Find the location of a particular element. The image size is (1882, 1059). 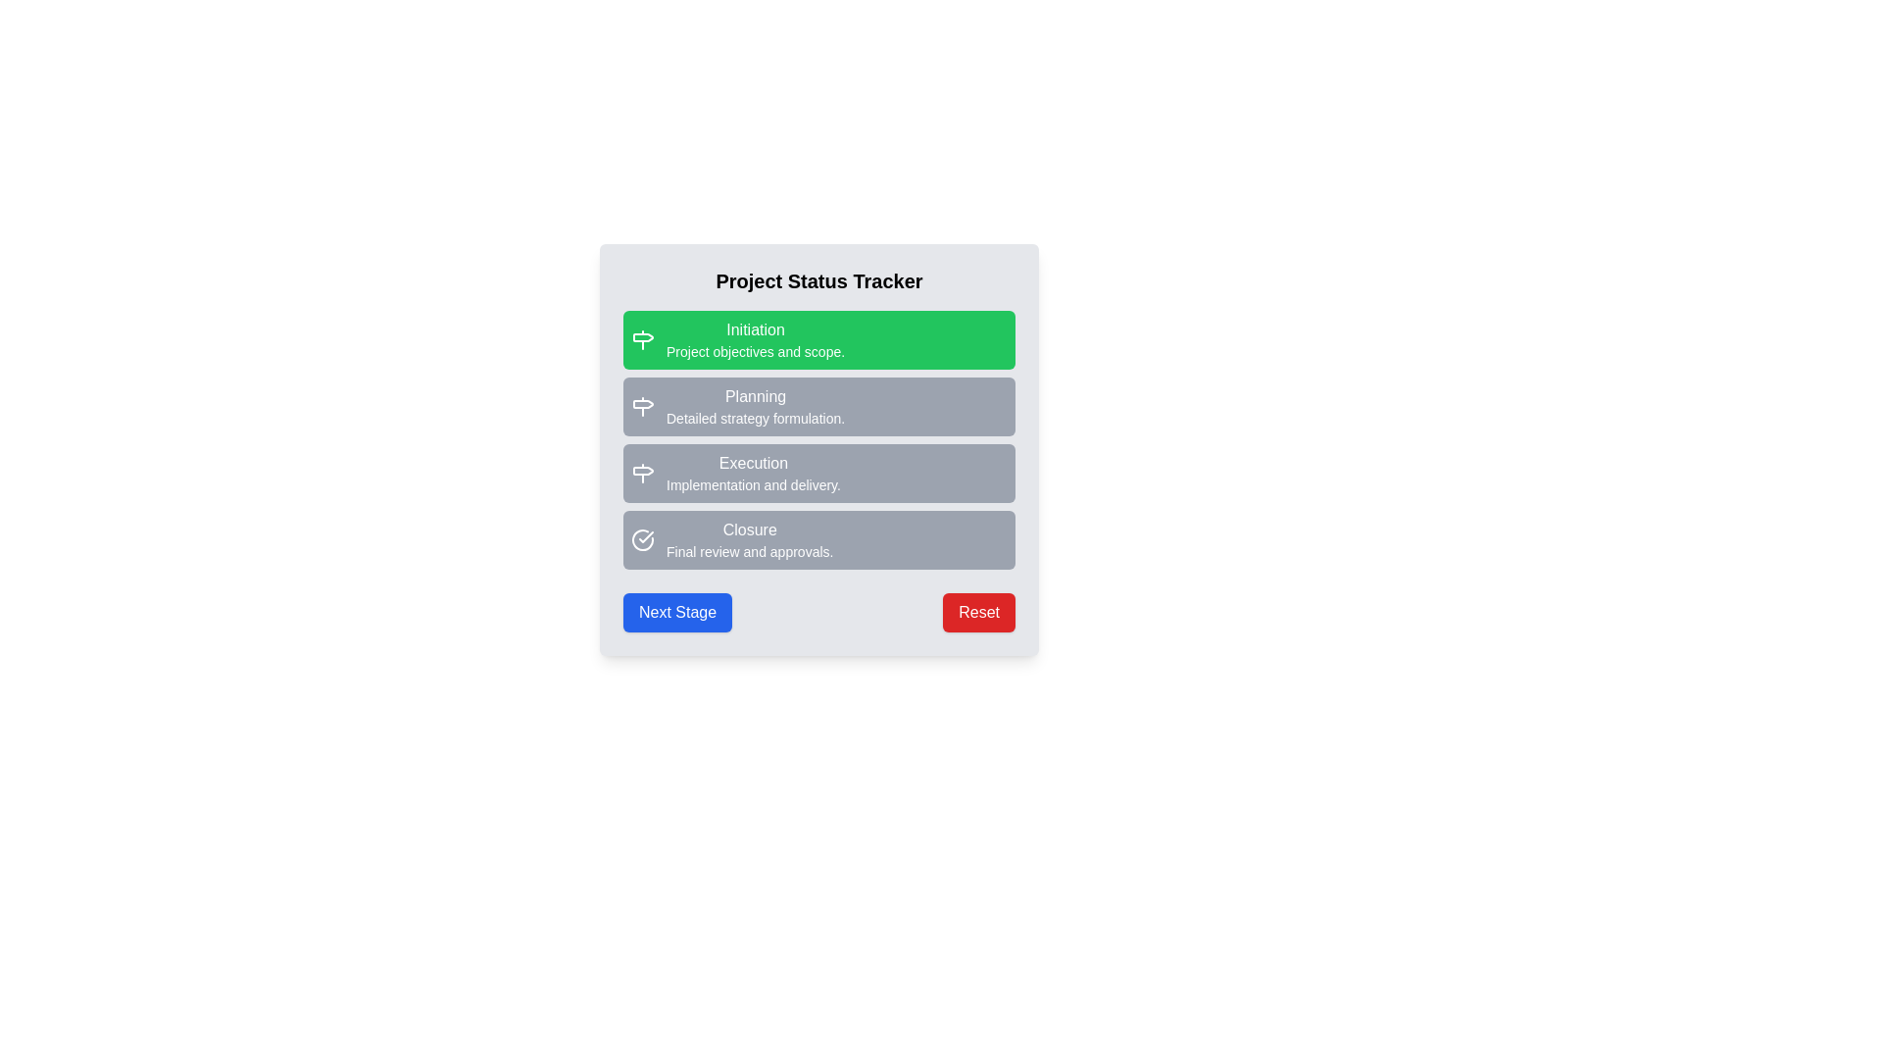

the 'Initiation' label which has two lines of text, the first being bold and white on a green background, indicating the start of project objectives and scope is located at coordinates (755, 339).